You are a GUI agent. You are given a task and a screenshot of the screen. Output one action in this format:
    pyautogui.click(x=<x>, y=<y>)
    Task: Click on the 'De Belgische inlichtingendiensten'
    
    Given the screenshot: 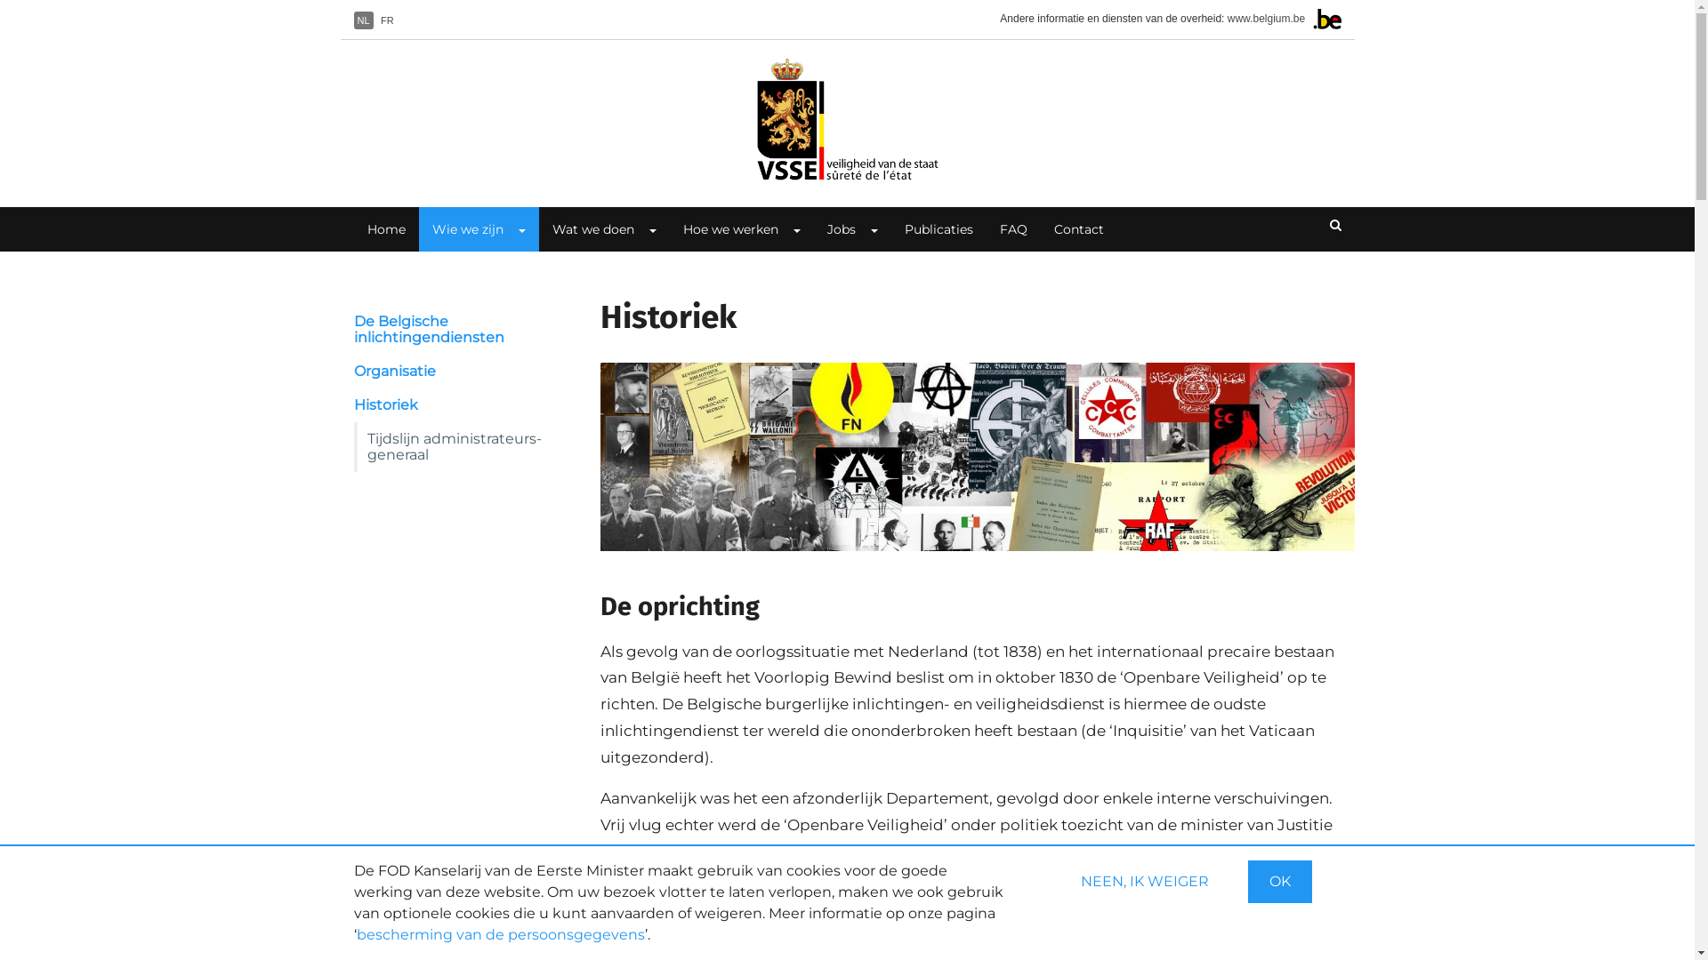 What is the action you would take?
    pyautogui.click(x=456, y=329)
    